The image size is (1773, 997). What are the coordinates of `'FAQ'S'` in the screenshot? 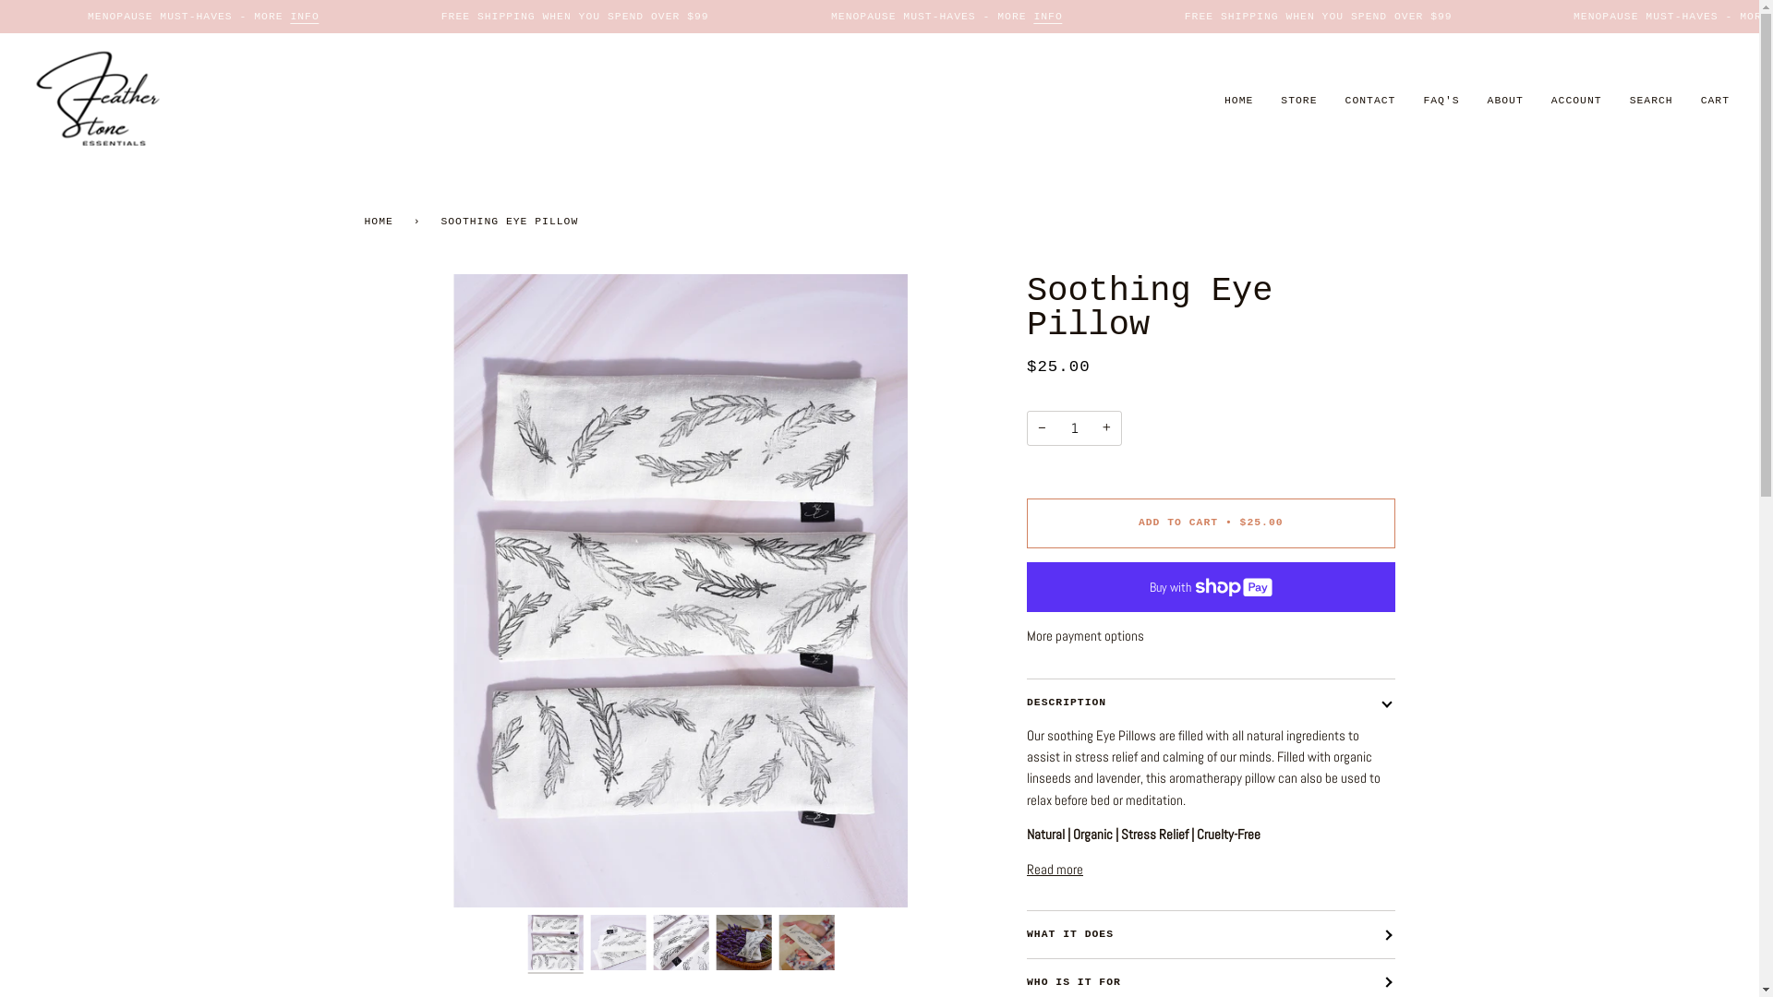 It's located at (1440, 100).